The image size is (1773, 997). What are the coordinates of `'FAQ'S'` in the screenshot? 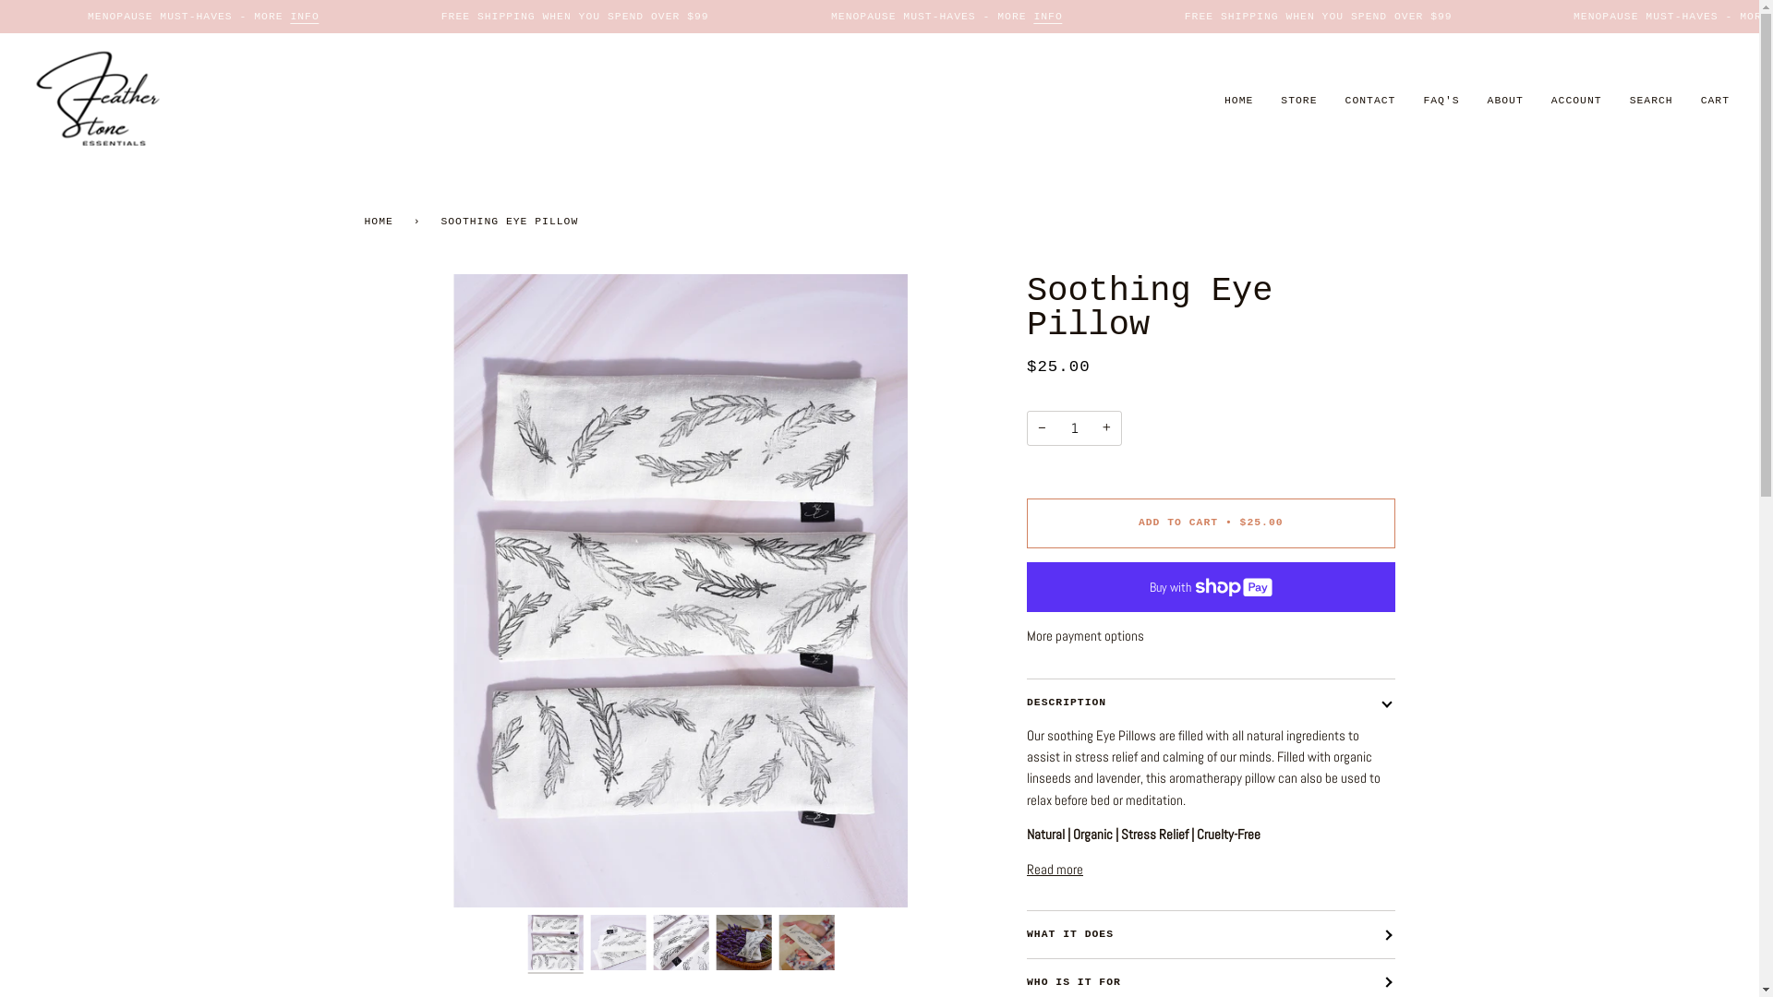 It's located at (1440, 100).